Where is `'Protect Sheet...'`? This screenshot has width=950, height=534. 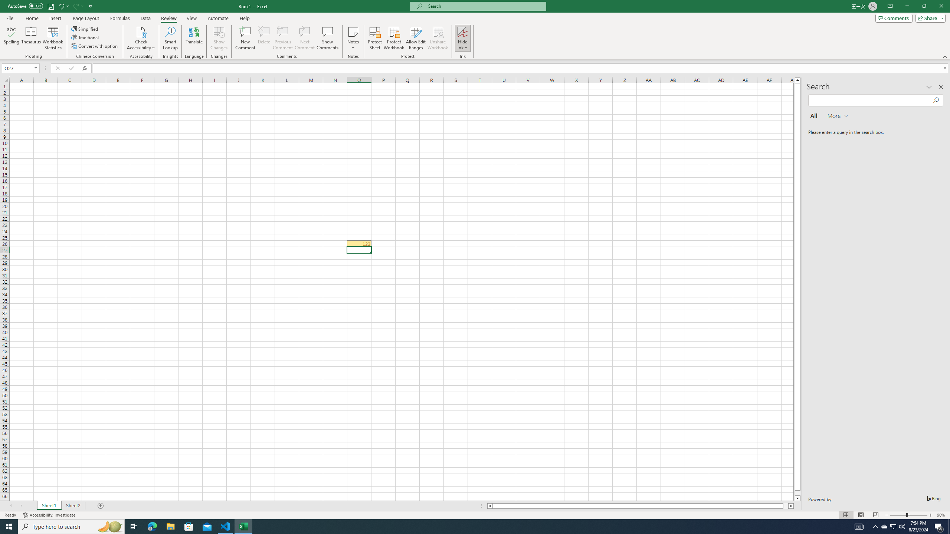
'Protect Sheet...' is located at coordinates (374, 38).